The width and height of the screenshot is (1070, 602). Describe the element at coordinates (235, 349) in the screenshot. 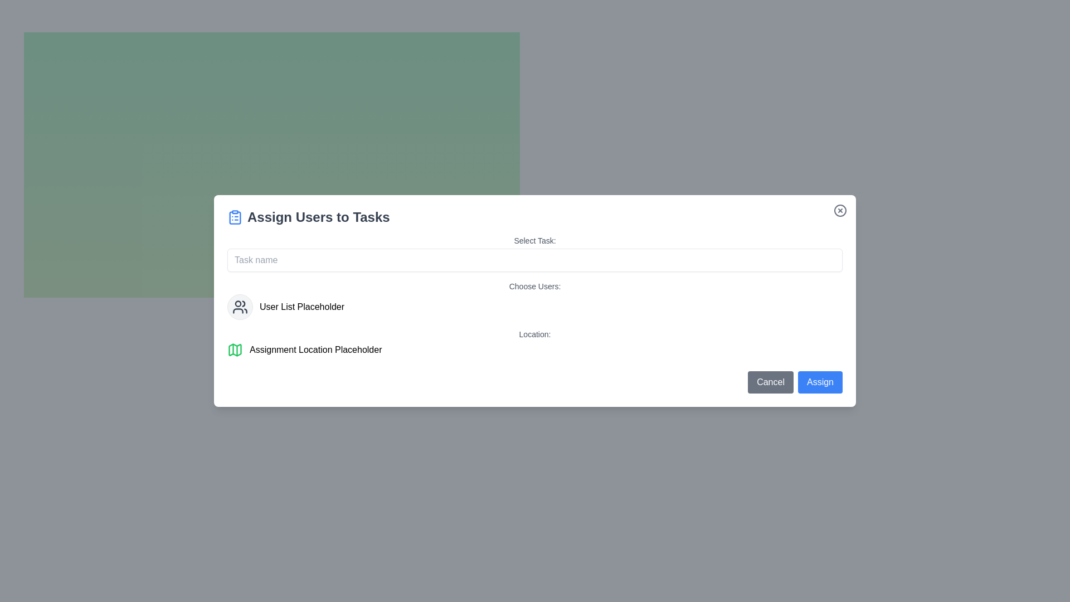

I see `the mapping or location functionality icon located in the 'Assignment Location Placeholder' section, positioned between two vertical line elements below the 'User List Placeholder'` at that location.